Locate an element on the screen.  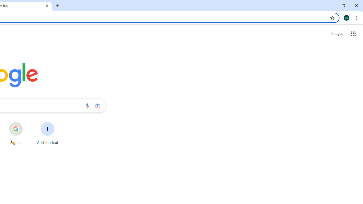
'Close' is located at coordinates (47, 5).